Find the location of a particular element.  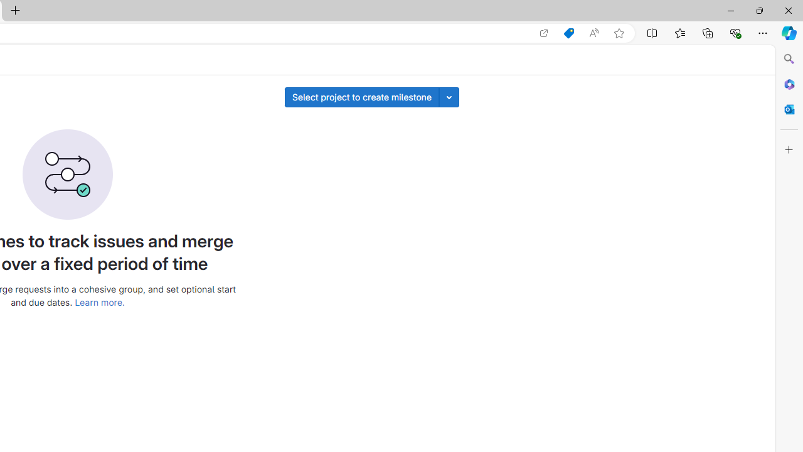

'Close Outlook pane' is located at coordinates (789, 109).